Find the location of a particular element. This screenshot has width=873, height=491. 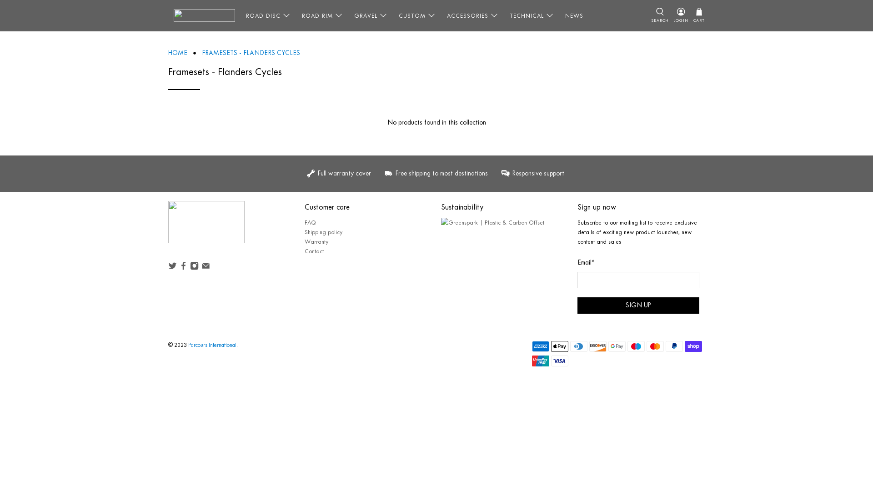

'Shipping policy' is located at coordinates (323, 231).